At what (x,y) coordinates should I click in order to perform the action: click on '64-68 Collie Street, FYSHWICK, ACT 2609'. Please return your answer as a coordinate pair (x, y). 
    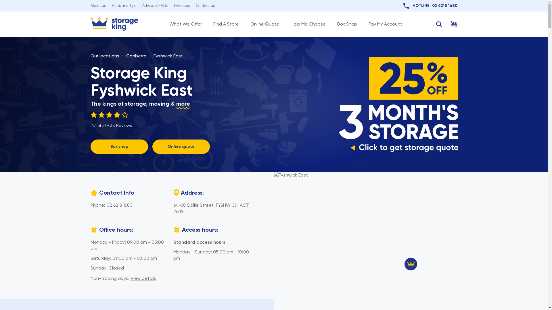
    Looking at the image, I should click on (210, 208).